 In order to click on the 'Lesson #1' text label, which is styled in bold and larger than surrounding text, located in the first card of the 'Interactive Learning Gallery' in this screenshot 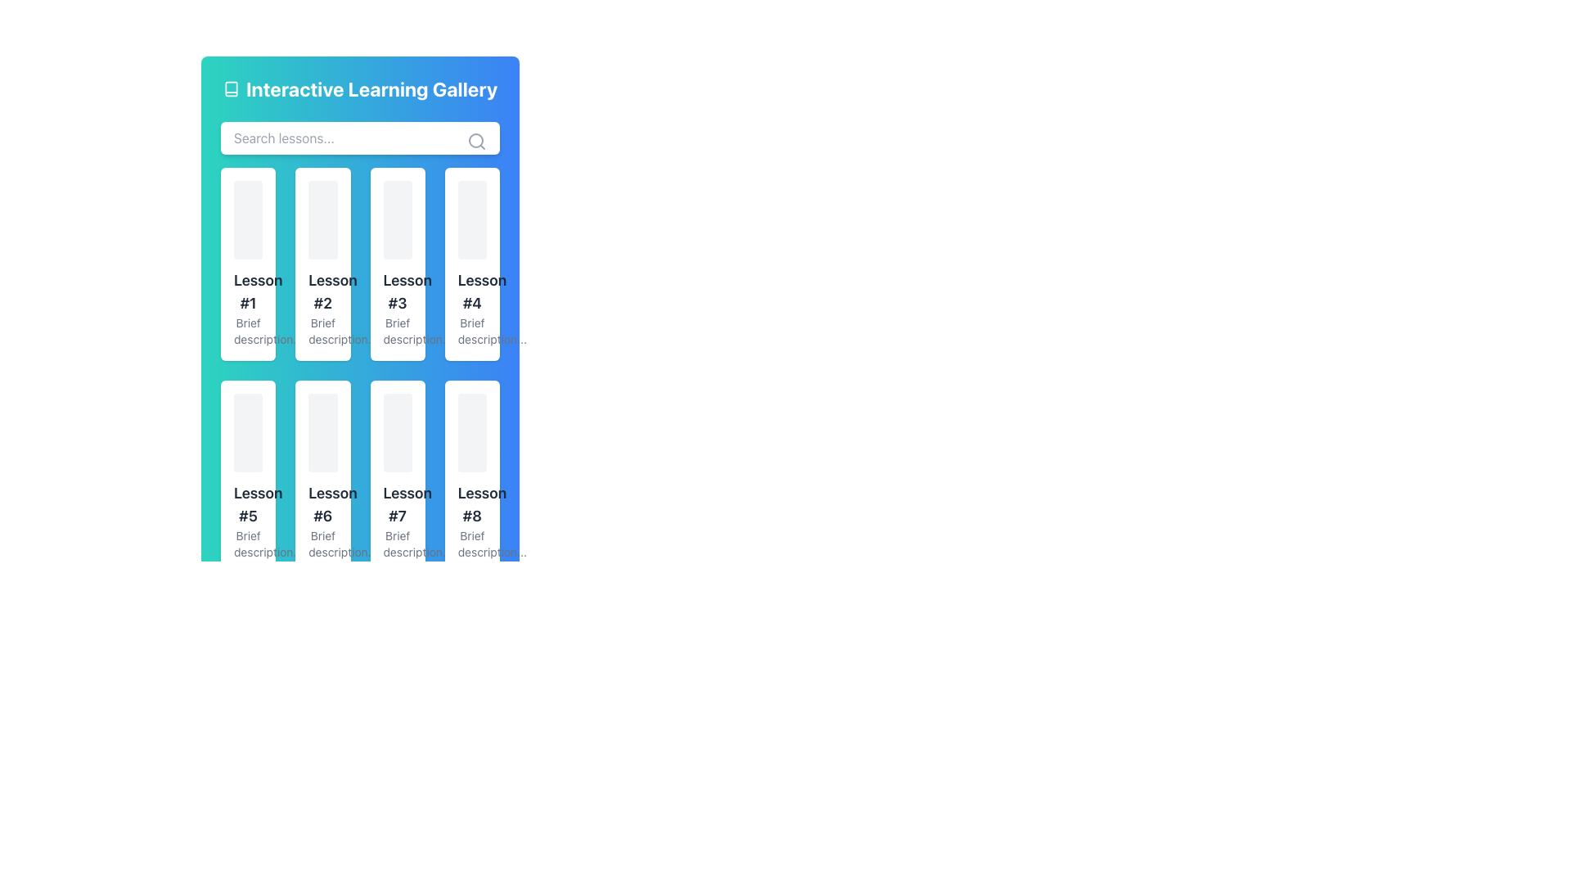, I will do `click(247, 291)`.